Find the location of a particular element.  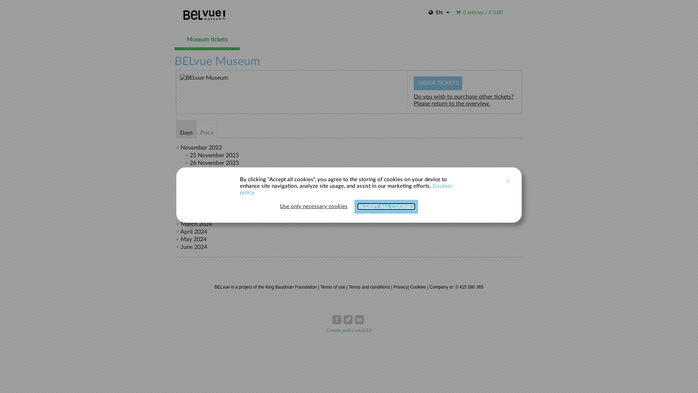

'Use only necessary cookies' is located at coordinates (314, 206).